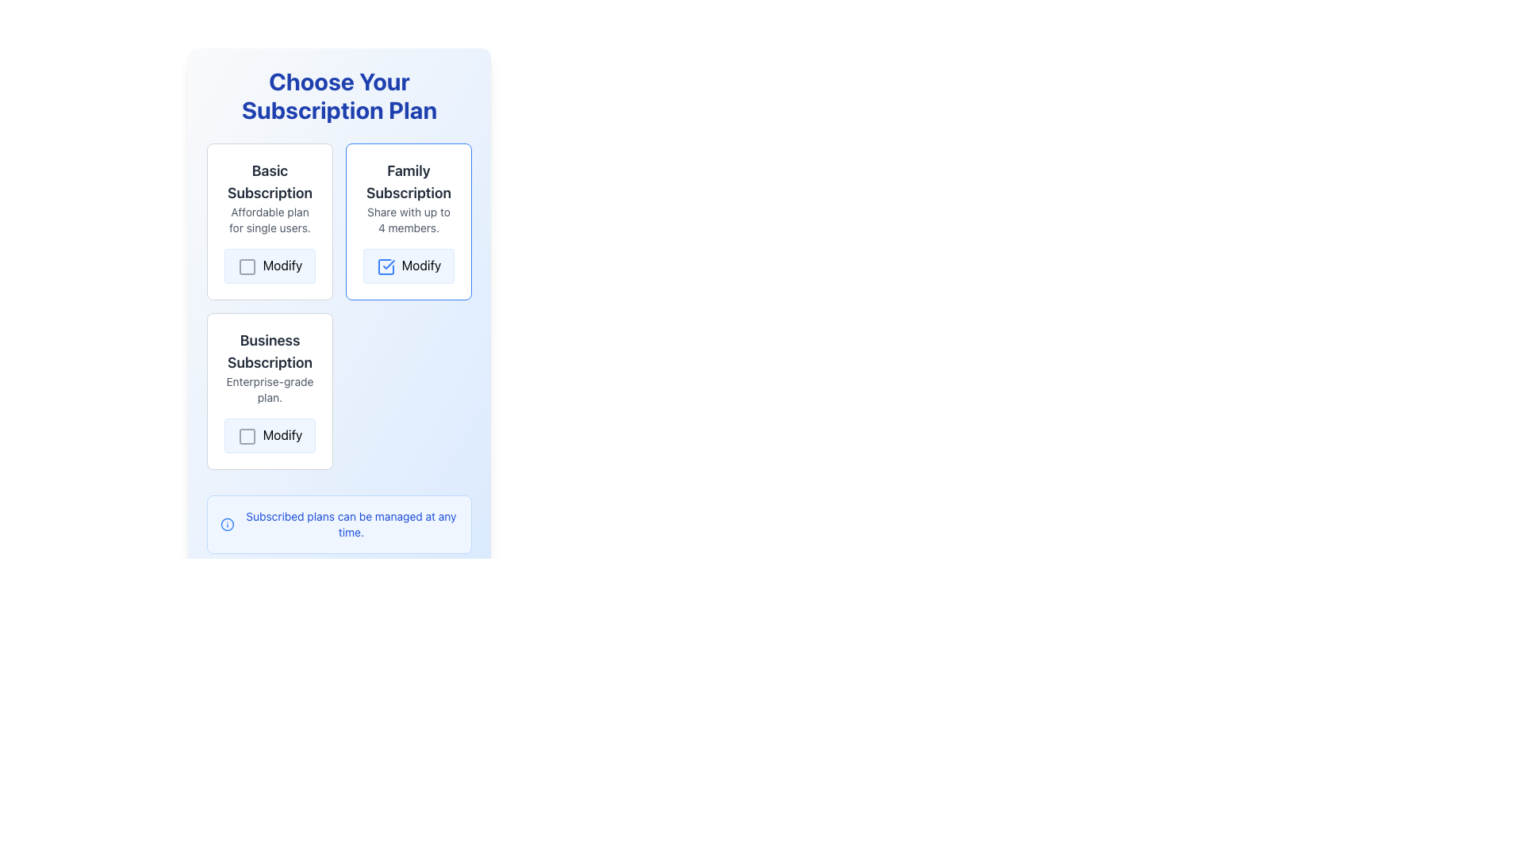  I want to click on the Text Label that provides information related to the 'Family Subscription' option, located below the header 'Family Subscription' and above the 'Modify' button, so click(409, 220).